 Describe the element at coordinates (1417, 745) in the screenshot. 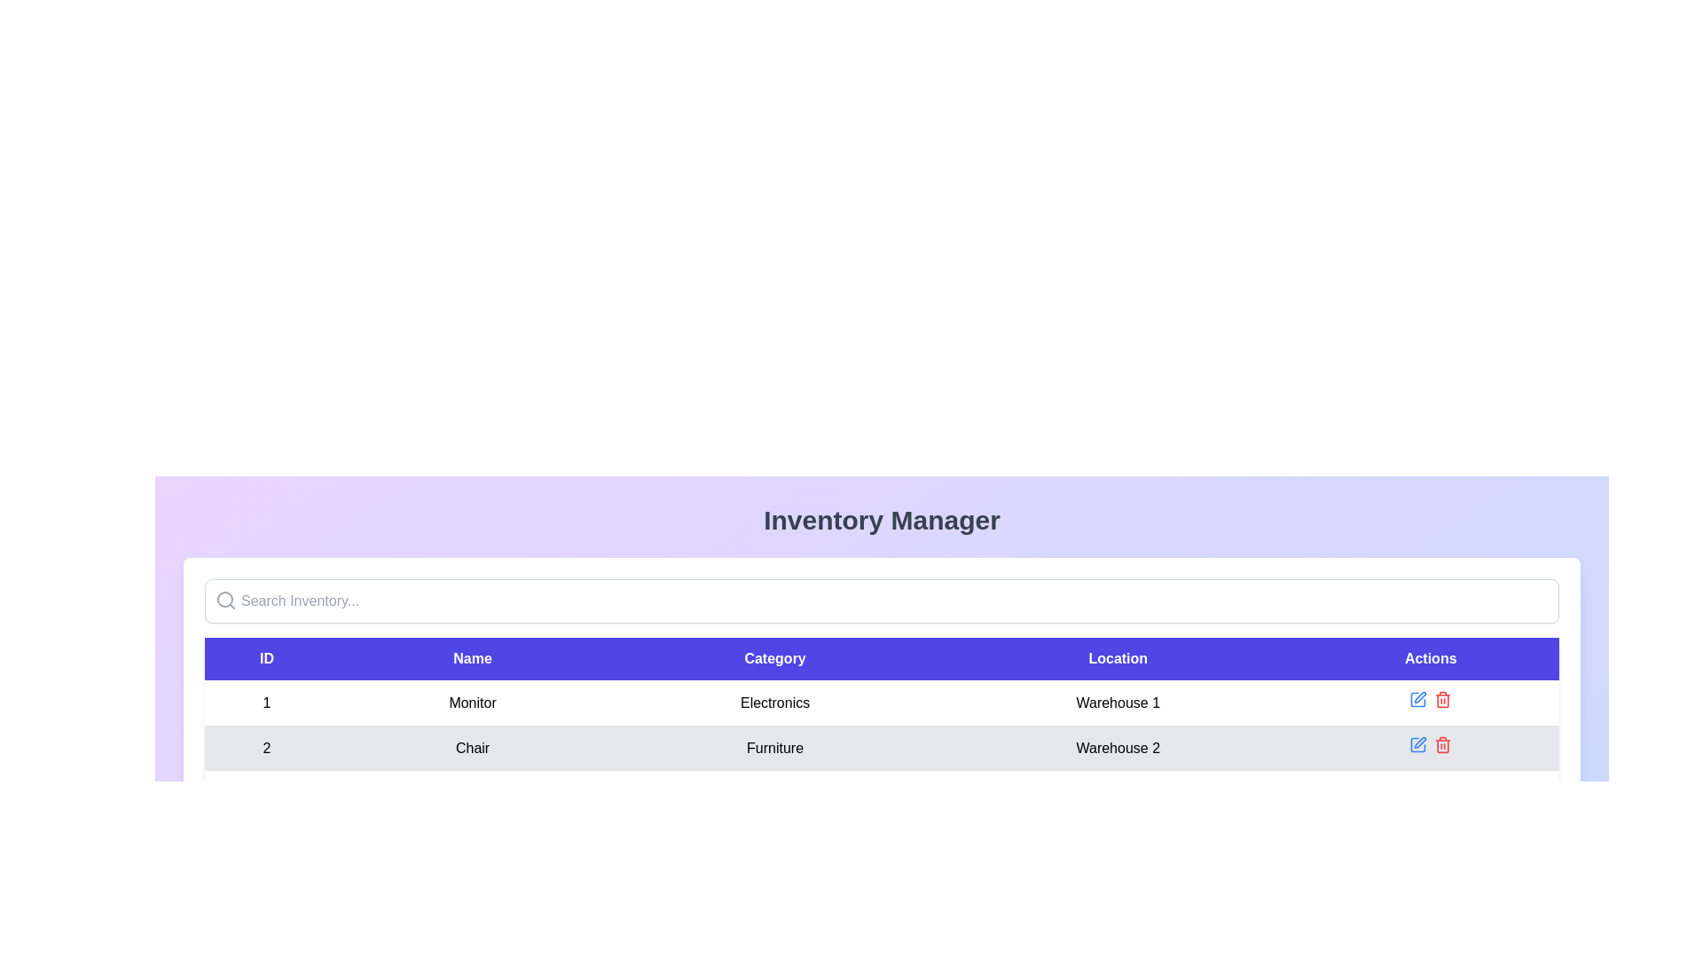

I see `the edit button icon in the Actions column of the second row for the item 'Chair' to invoke the edit operation` at that location.